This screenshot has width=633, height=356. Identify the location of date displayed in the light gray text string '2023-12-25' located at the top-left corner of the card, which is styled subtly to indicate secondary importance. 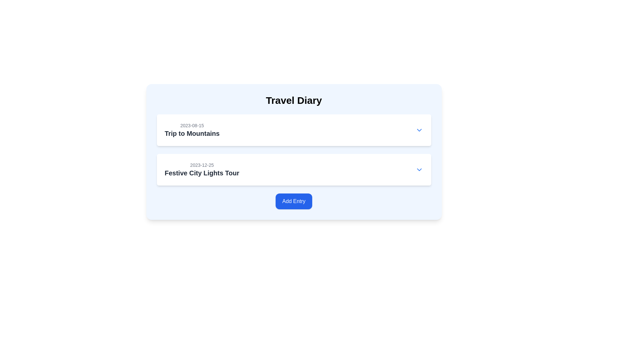
(201, 165).